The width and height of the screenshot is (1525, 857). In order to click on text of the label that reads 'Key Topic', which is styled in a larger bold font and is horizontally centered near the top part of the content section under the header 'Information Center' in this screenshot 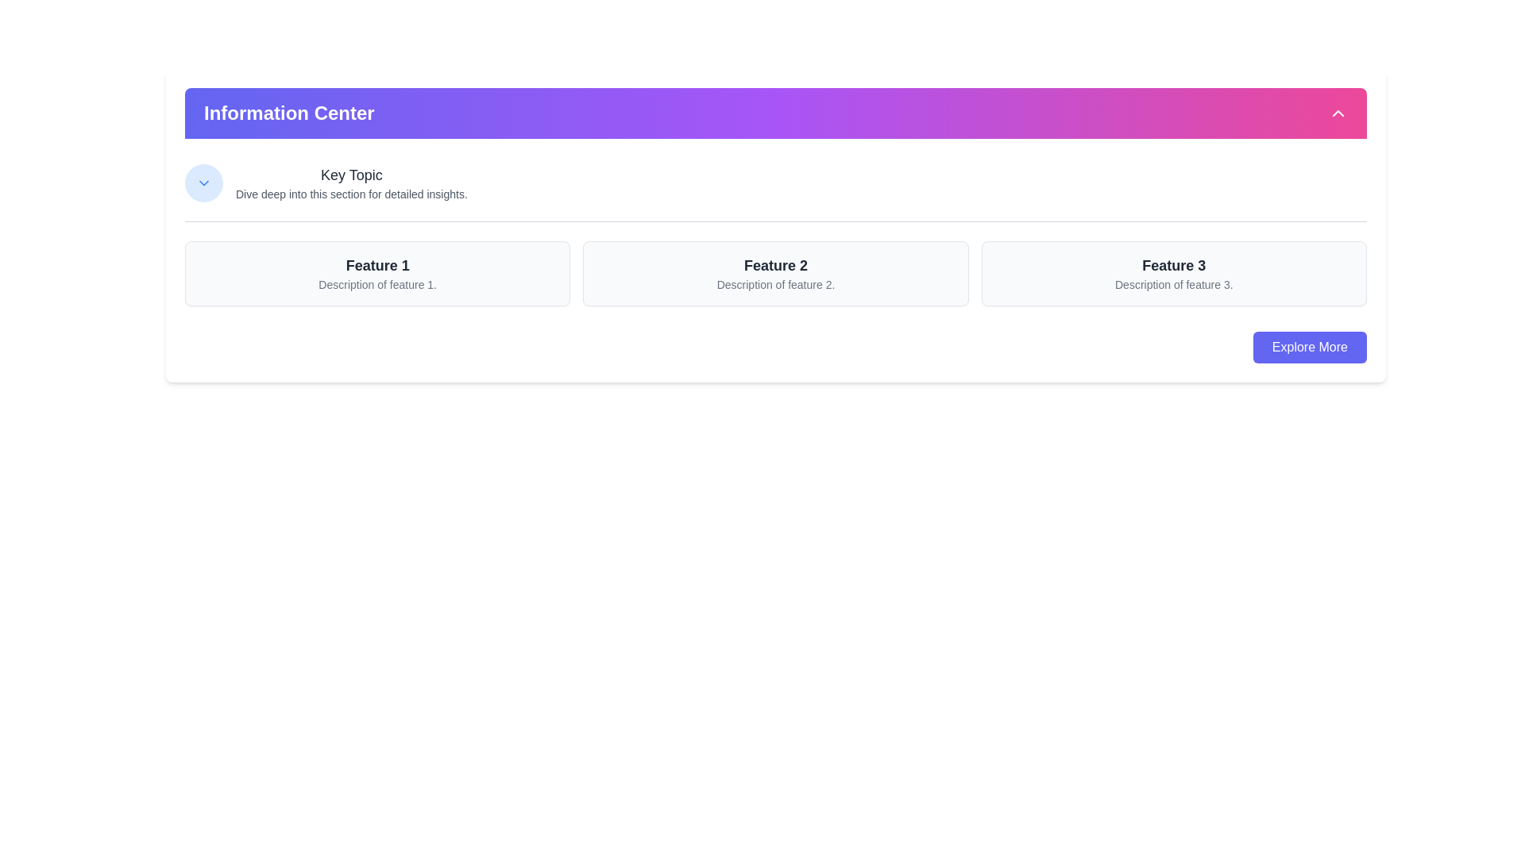, I will do `click(350, 175)`.